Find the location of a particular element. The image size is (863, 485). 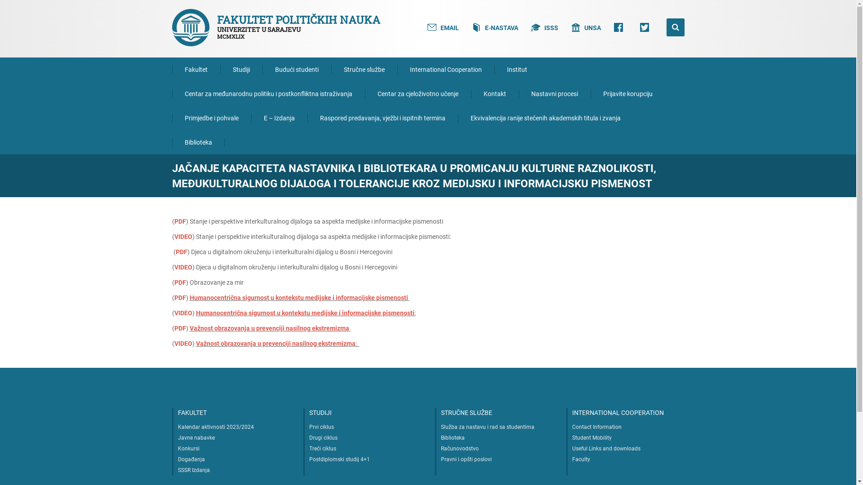

'Kontakt' is located at coordinates (494, 93).